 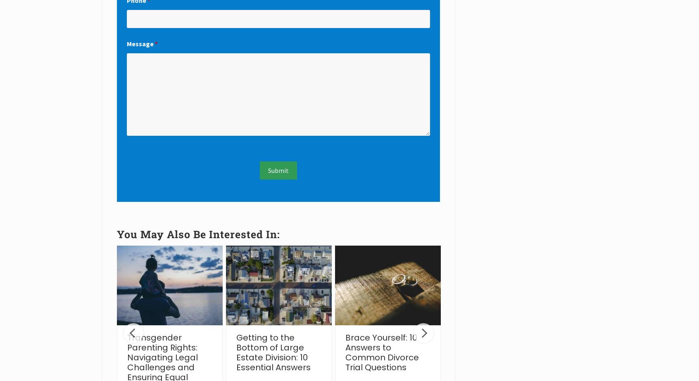 I want to click on 'You May Also Be Interested In:', so click(x=116, y=234).